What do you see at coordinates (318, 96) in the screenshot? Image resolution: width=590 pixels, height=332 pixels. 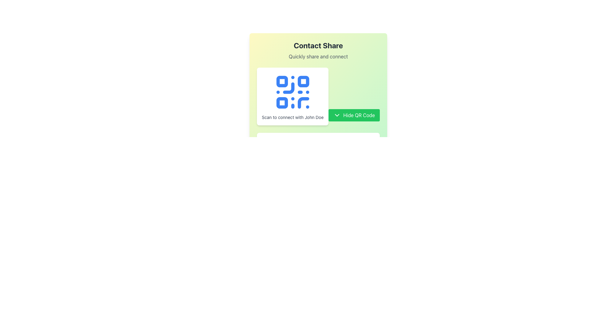 I see `the QR code in the Informational Display for John Doe` at bounding box center [318, 96].